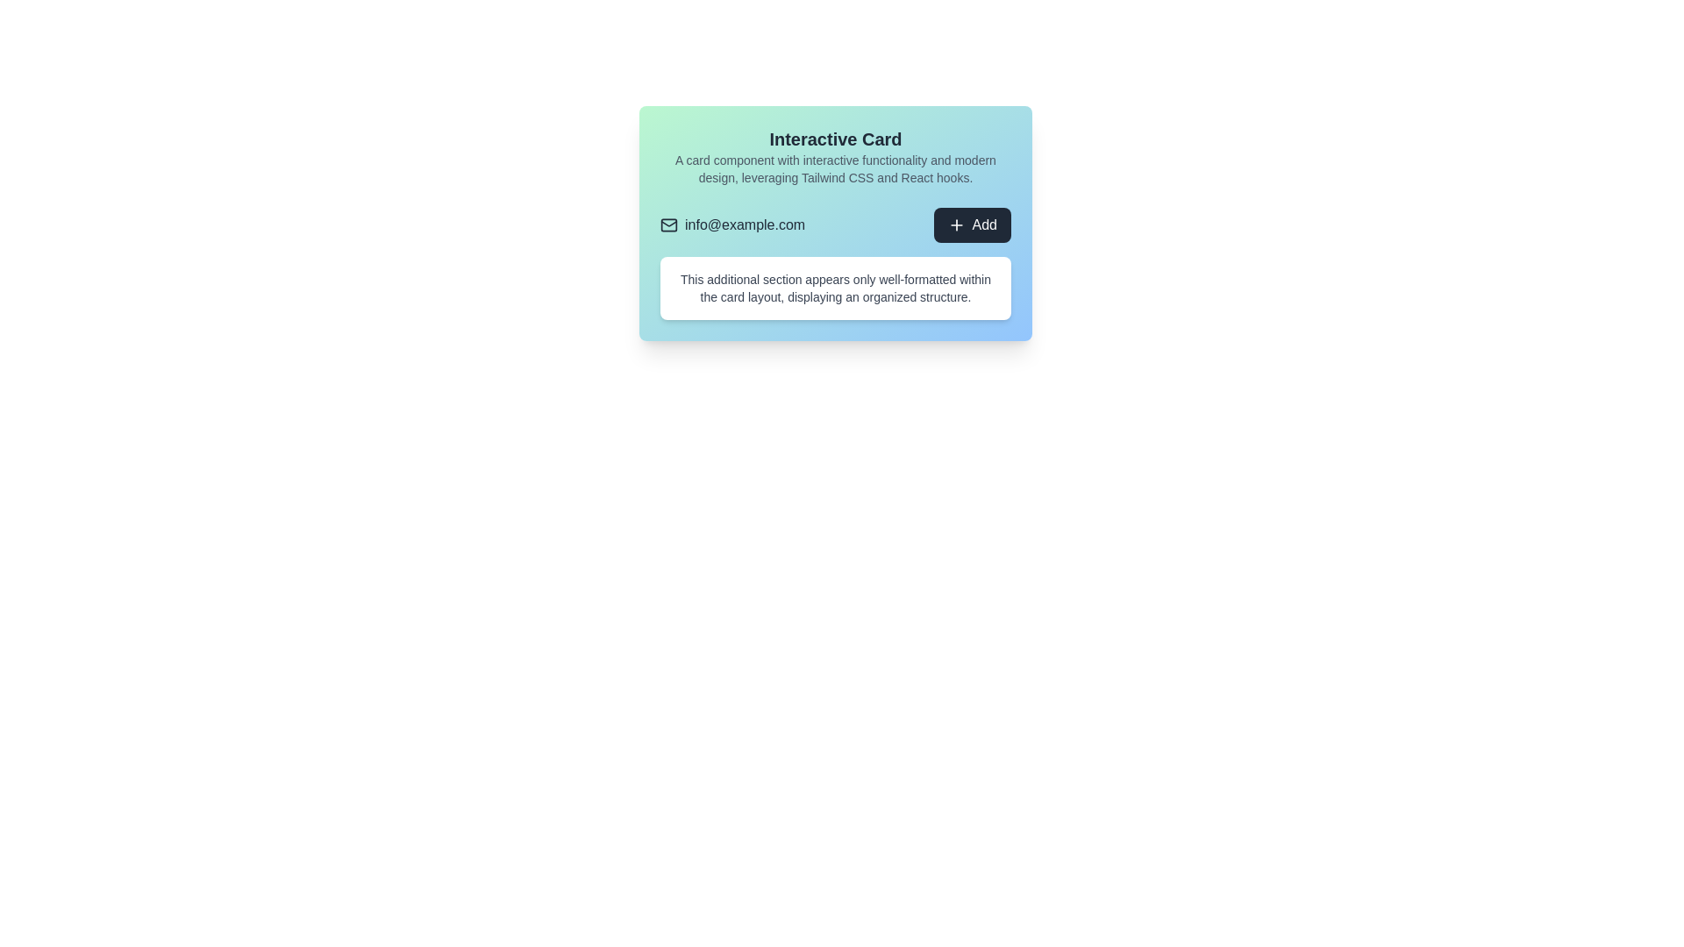 This screenshot has width=1684, height=947. I want to click on the email address text display located above the 'Add' button, which is part of a horizontal group with an envelope icon to its left, so click(745, 224).